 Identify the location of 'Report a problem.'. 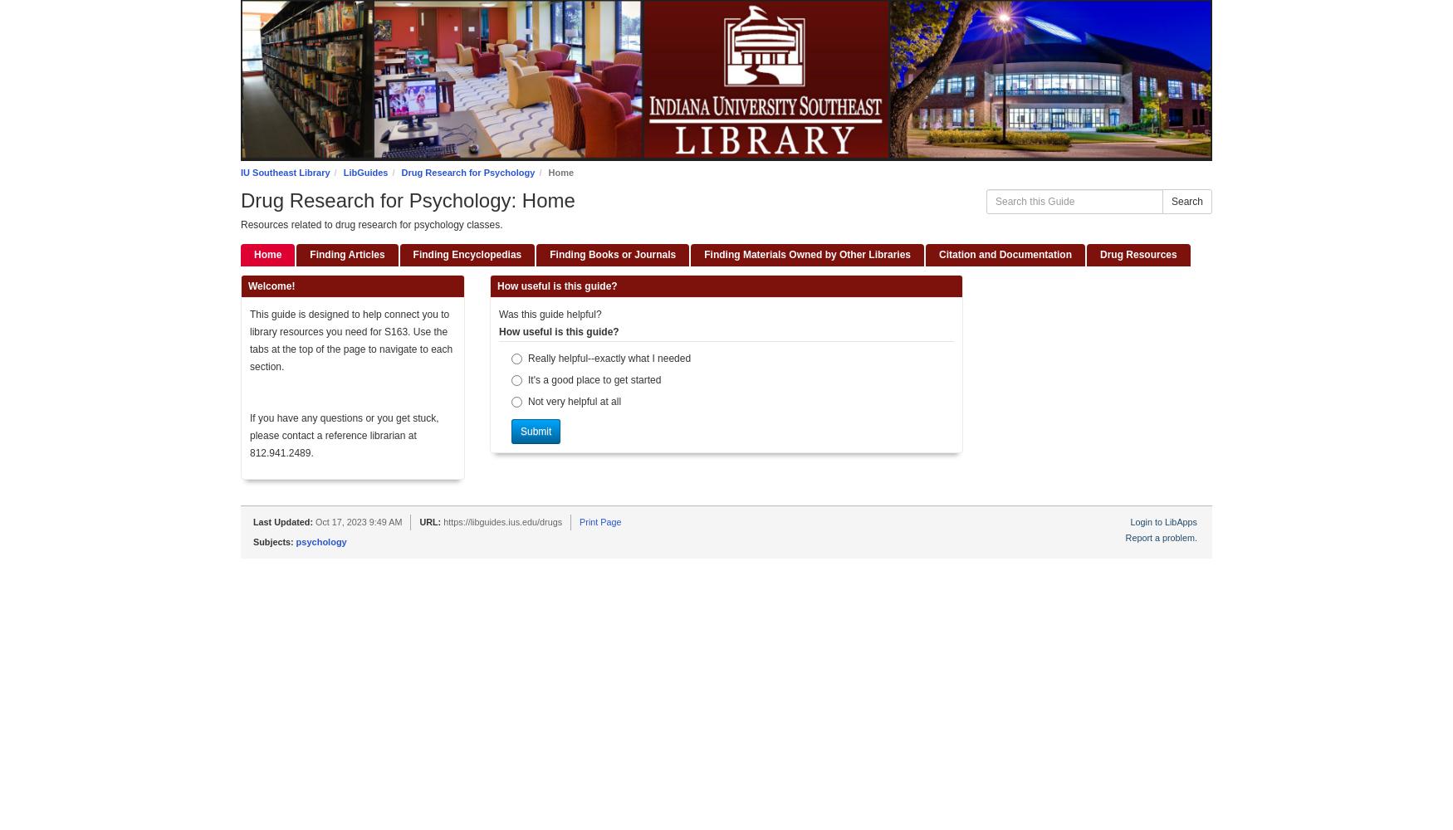
(1160, 538).